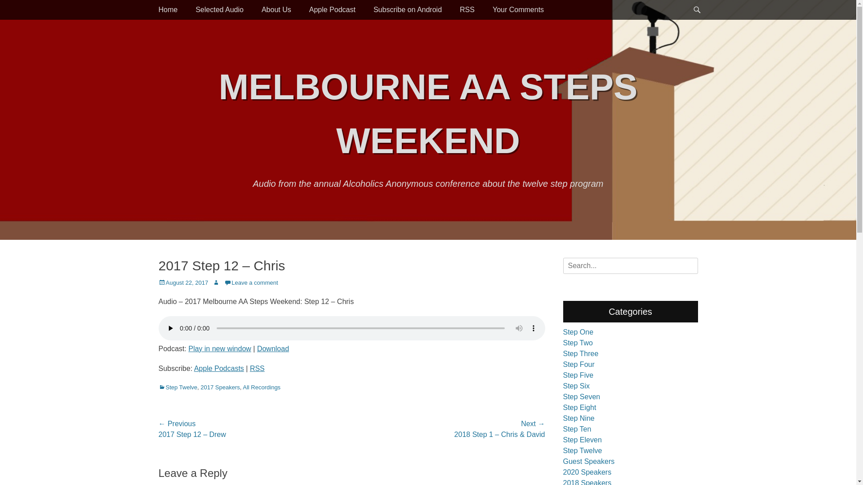 Image resolution: width=863 pixels, height=485 pixels. Describe the element at coordinates (518, 10) in the screenshot. I see `'Your Comments'` at that location.